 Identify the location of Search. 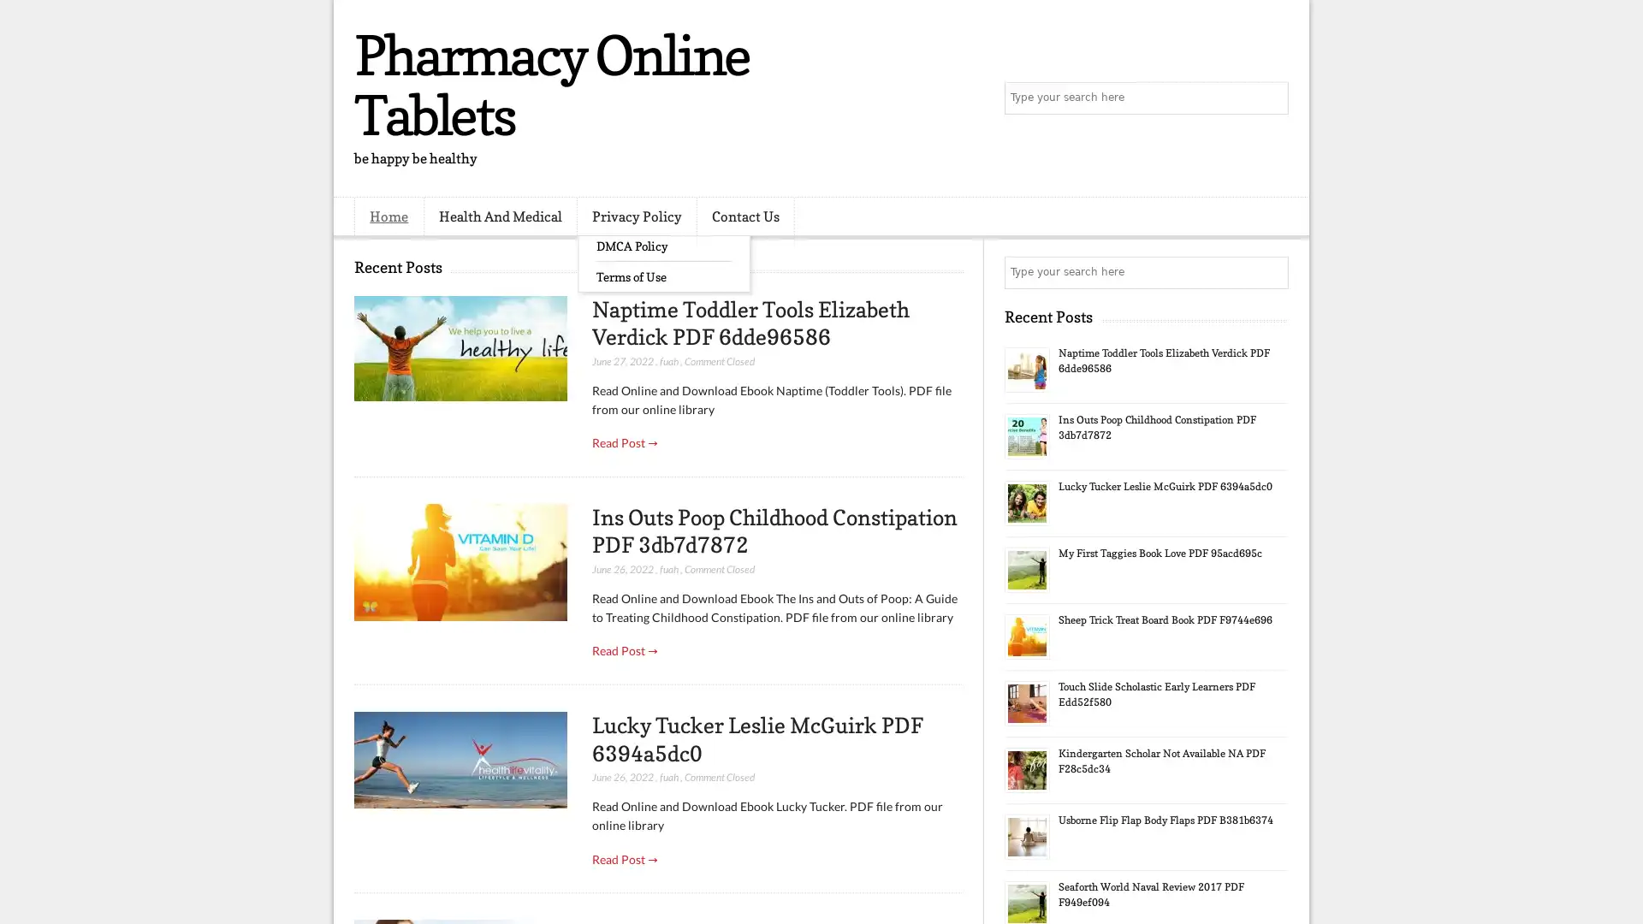
(1271, 98).